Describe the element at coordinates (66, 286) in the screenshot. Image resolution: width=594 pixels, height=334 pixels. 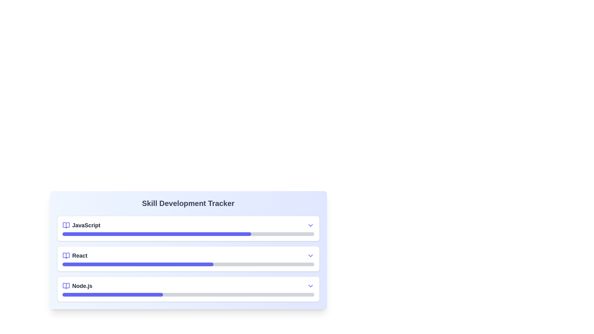
I see `the open book icon, which is styled with a clean line design and is positioned to the left of the 'Node.js' text label` at that location.